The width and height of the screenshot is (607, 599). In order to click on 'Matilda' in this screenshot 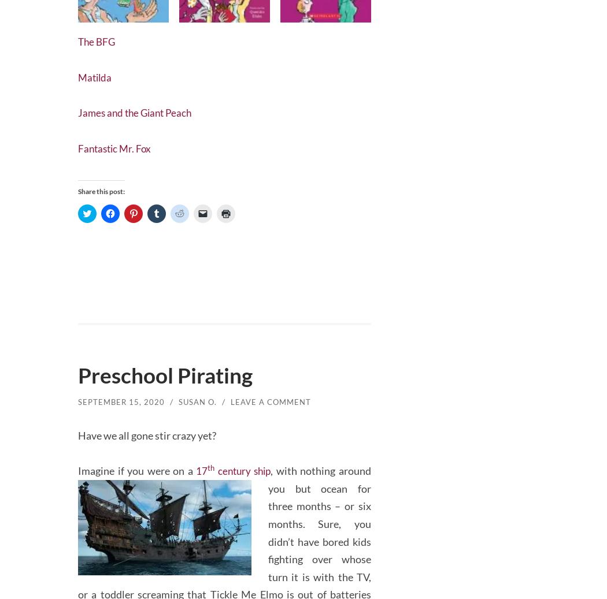, I will do `click(96, 74)`.